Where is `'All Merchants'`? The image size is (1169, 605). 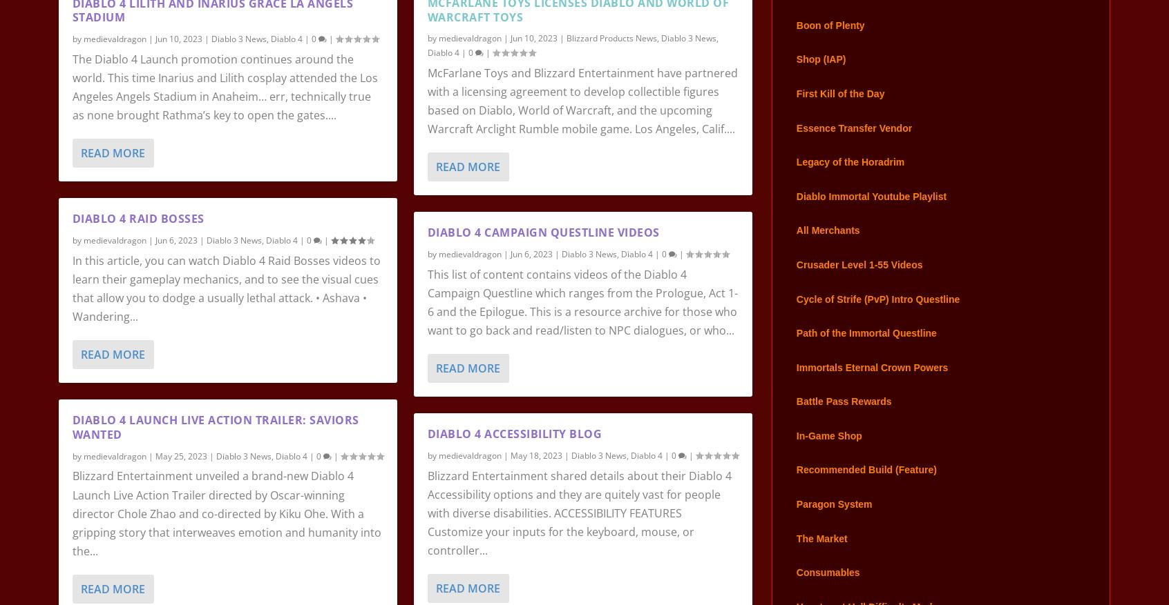
'All Merchants' is located at coordinates (826, 248).